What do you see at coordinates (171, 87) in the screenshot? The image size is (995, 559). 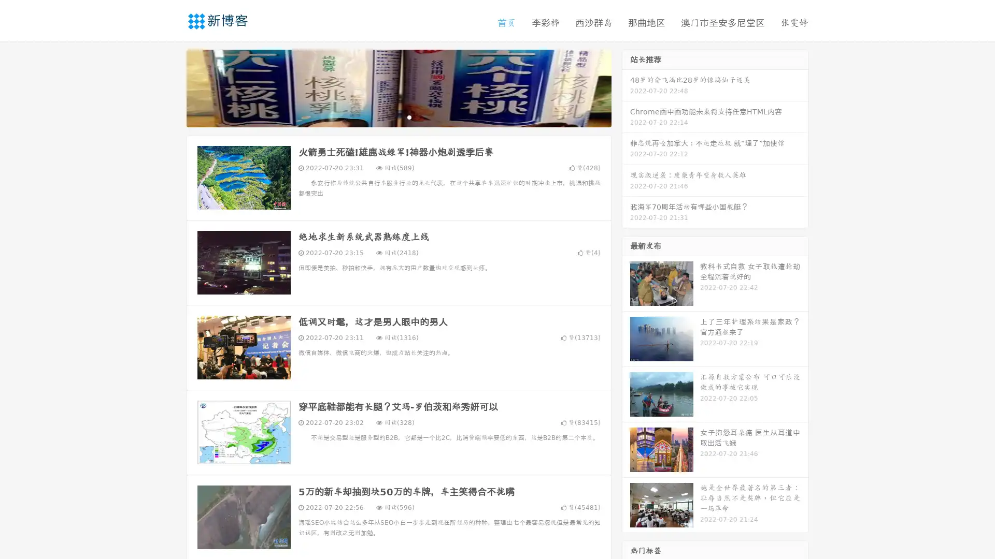 I see `Previous slide` at bounding box center [171, 87].